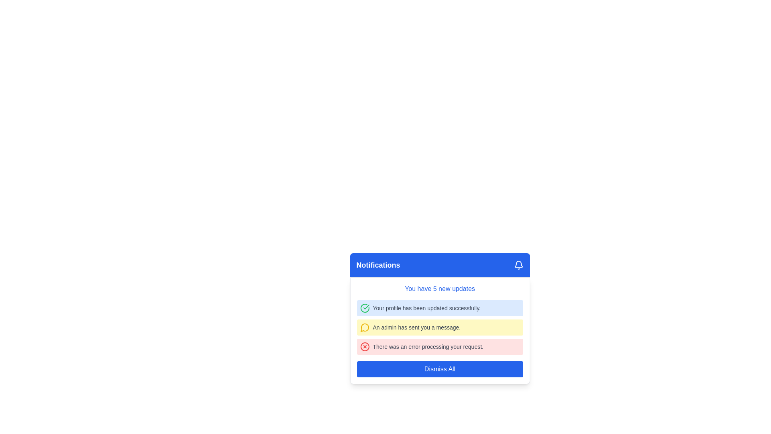  Describe the element at coordinates (439, 308) in the screenshot. I see `the first notification in the notification panel that informs the user their profile has been successfully updated` at that location.